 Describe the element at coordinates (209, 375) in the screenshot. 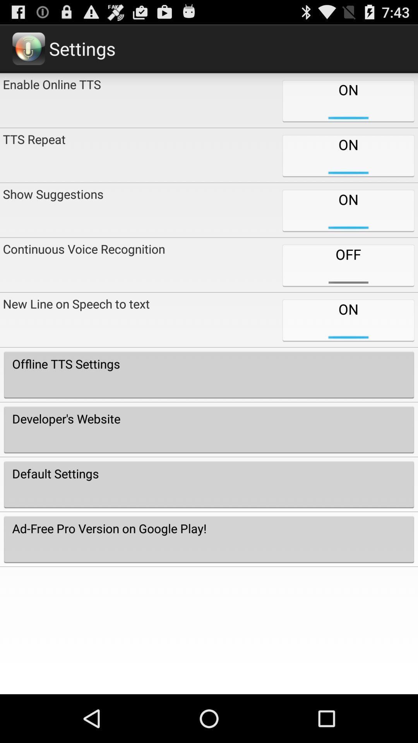

I see `the offline tts settings button` at that location.